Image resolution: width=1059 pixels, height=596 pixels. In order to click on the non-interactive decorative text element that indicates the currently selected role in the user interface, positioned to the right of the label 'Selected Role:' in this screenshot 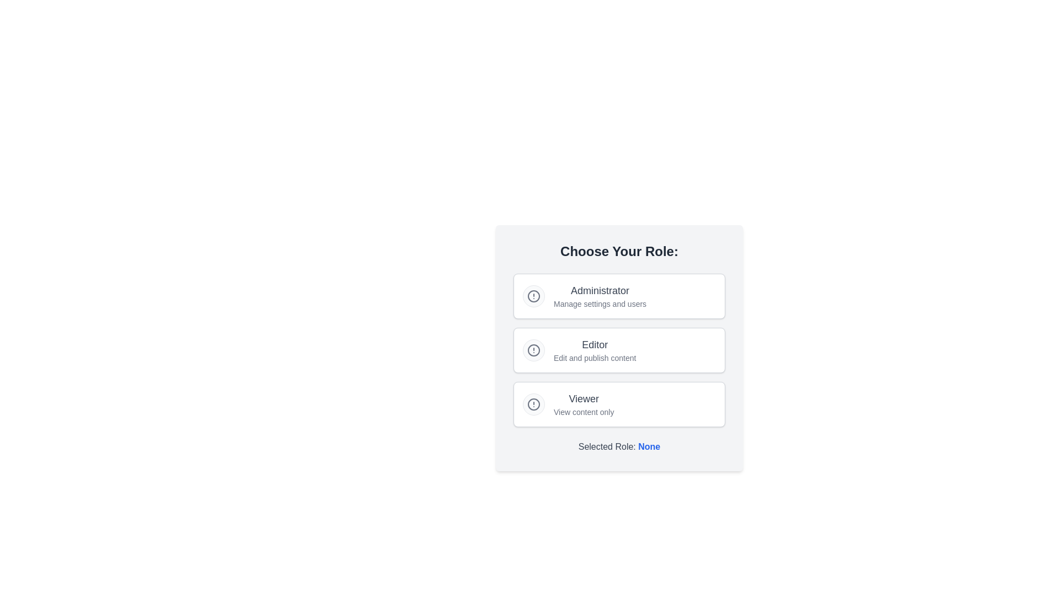, I will do `click(649, 446)`.